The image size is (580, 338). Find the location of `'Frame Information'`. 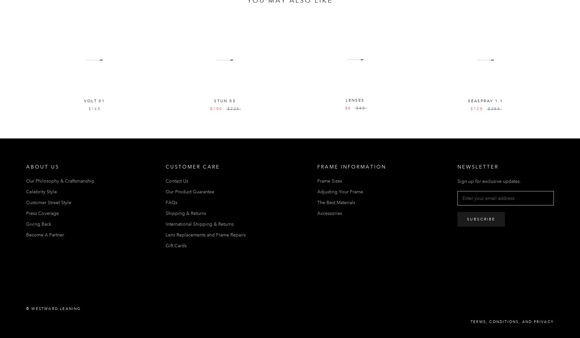

'Frame Information' is located at coordinates (351, 167).